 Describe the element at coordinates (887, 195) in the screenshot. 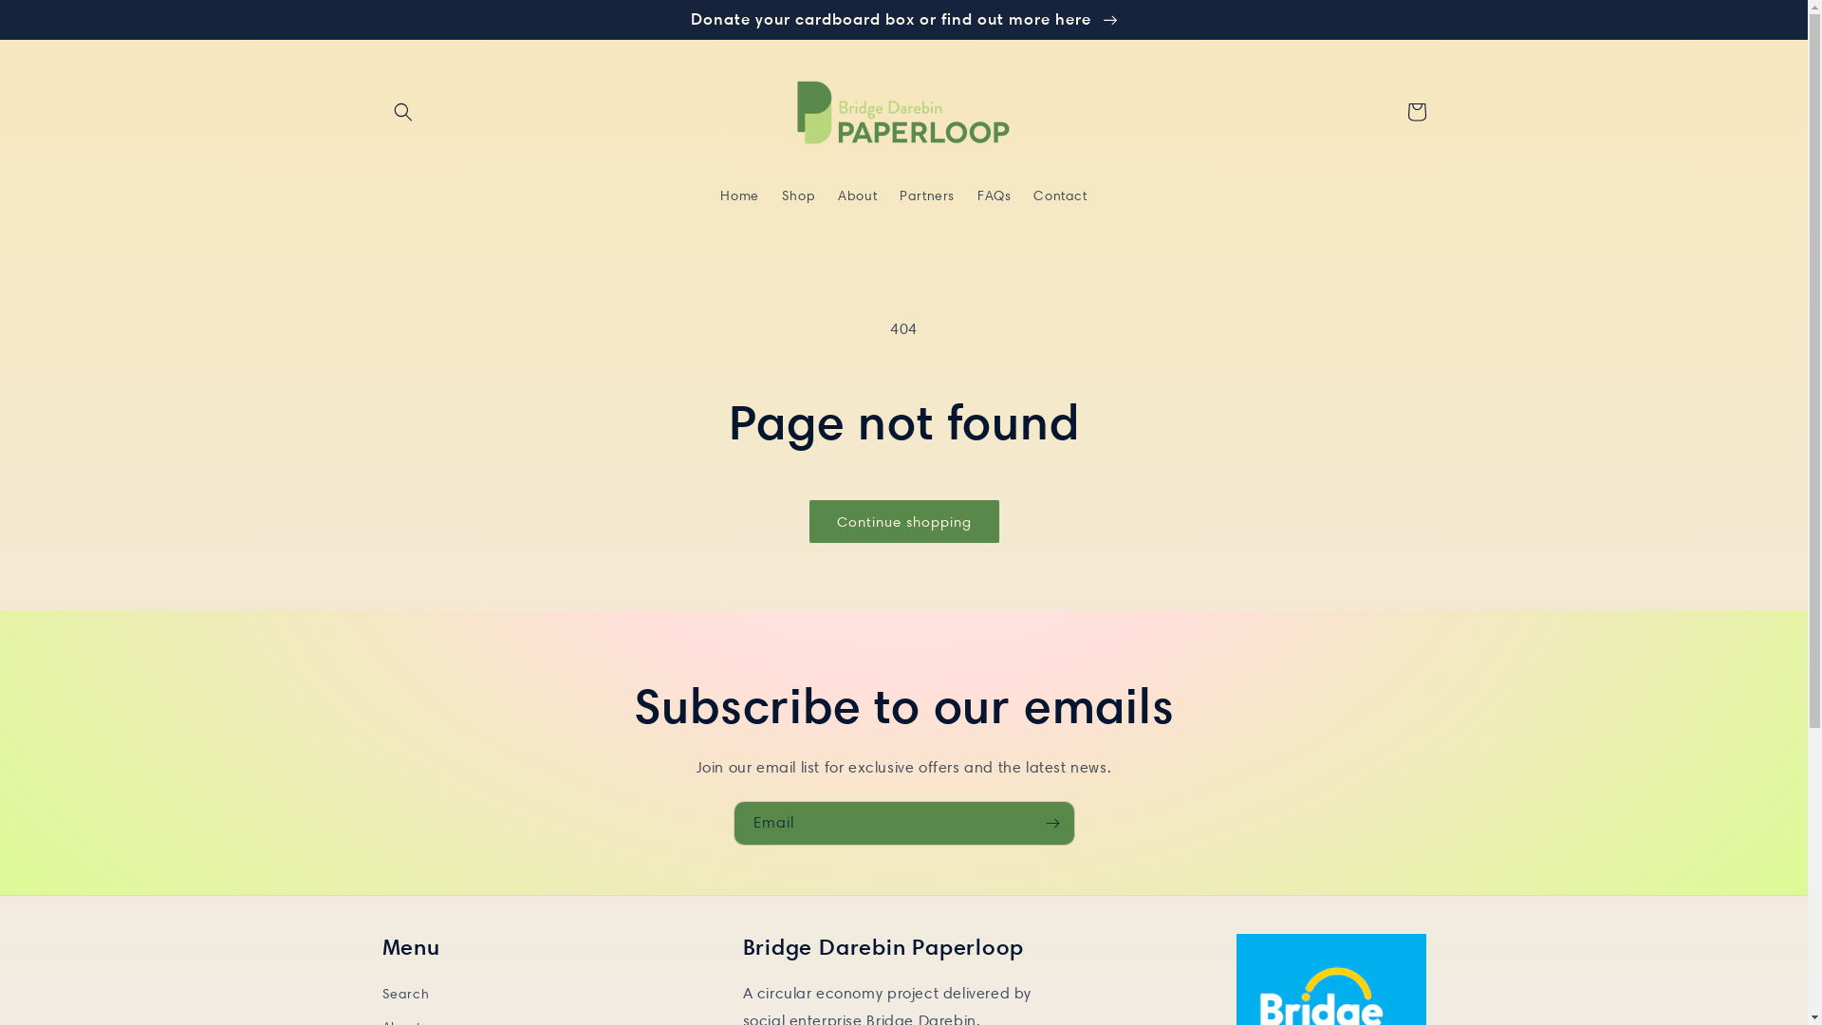

I see `'Partners'` at that location.